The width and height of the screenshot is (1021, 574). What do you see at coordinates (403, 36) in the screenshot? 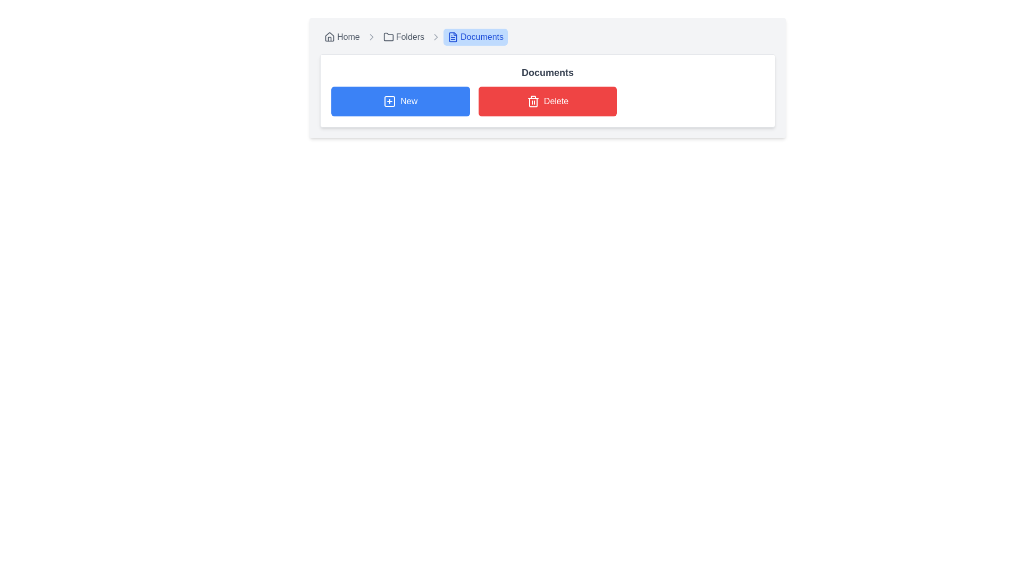
I see `the 'Folders' text link located in the navigation breadcrumb row` at bounding box center [403, 36].